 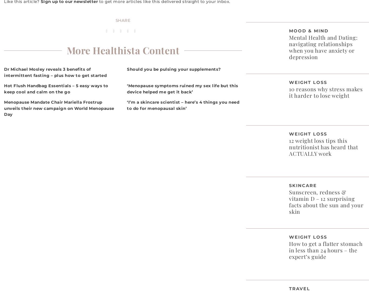 What do you see at coordinates (308, 30) in the screenshot?
I see `'Mood & Mind'` at bounding box center [308, 30].